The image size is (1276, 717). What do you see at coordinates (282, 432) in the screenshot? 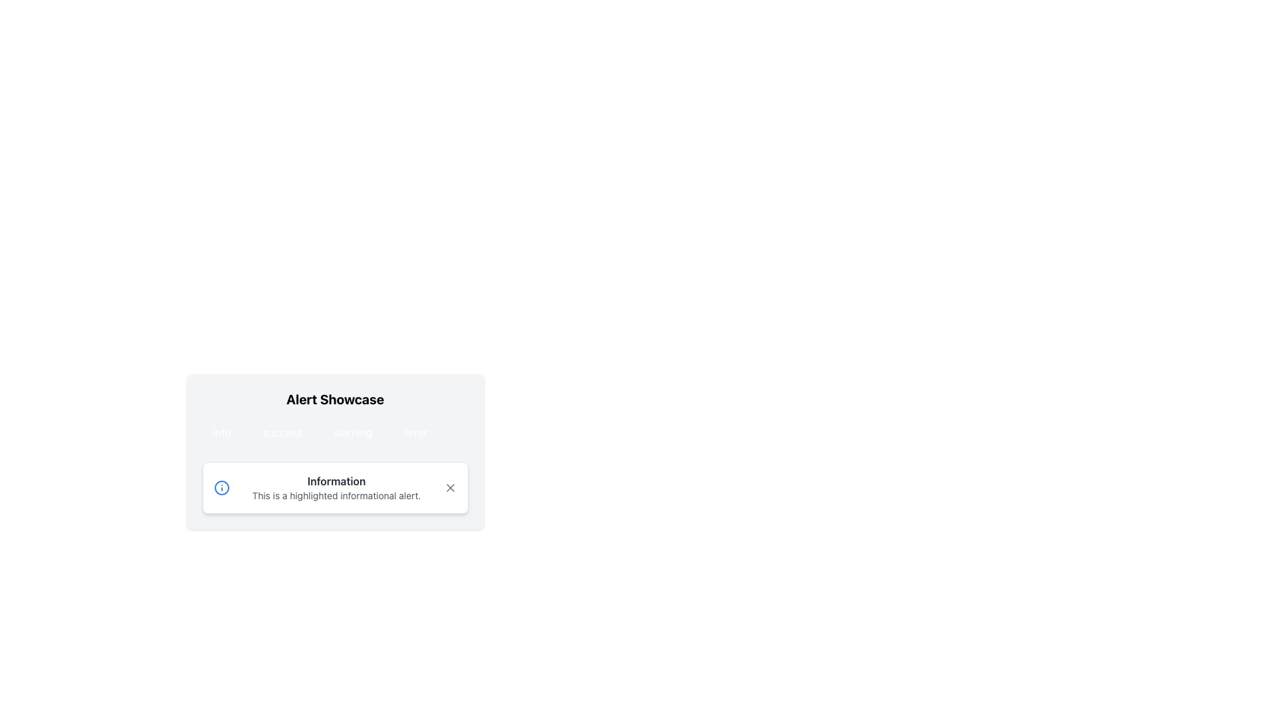
I see `the 'success' button, which is the second item in a horizontal list of four elements located below 'Alert Showcase'` at bounding box center [282, 432].